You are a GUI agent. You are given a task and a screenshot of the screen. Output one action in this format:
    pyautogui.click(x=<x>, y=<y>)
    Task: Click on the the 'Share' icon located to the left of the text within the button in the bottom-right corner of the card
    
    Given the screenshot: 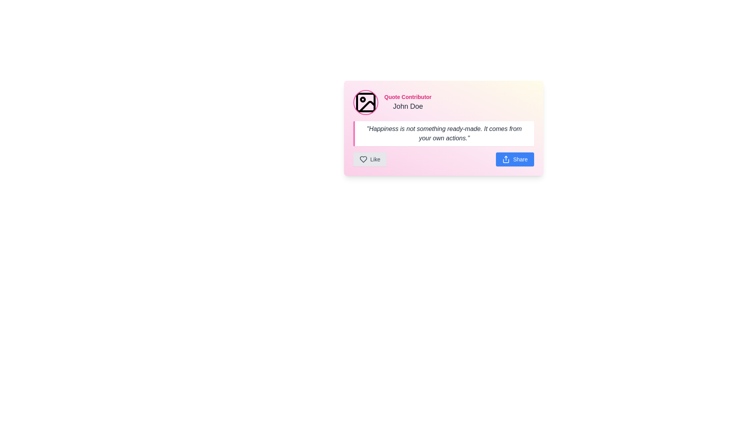 What is the action you would take?
    pyautogui.click(x=506, y=159)
    